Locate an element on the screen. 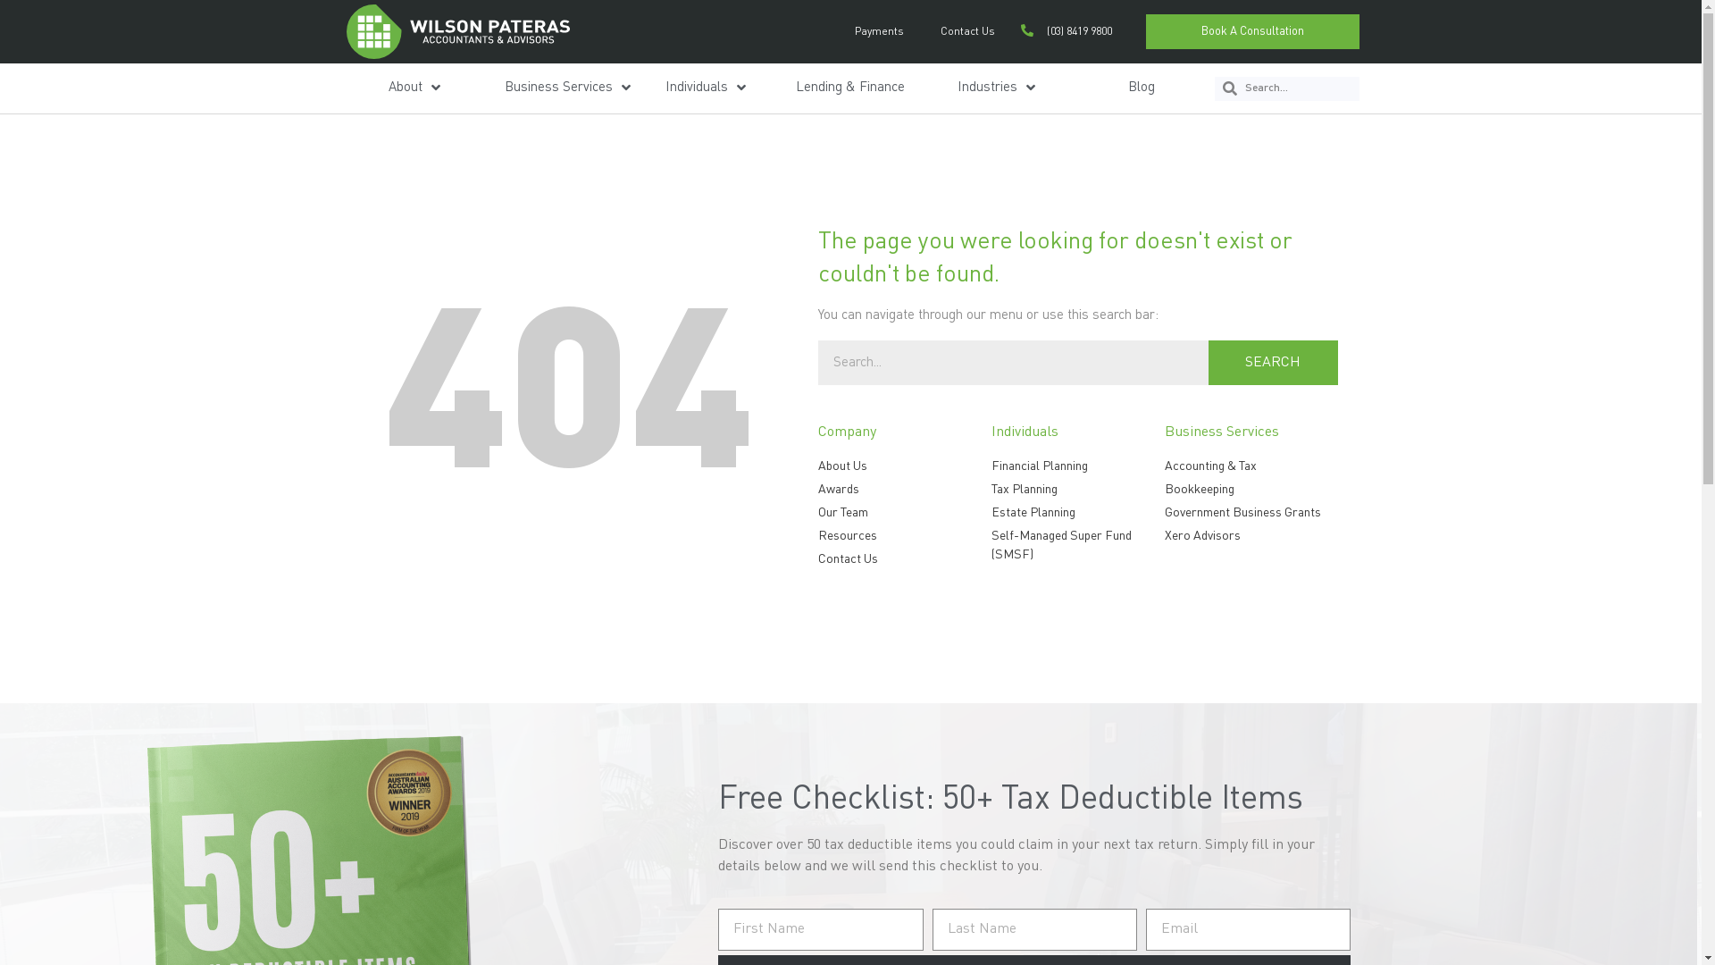 This screenshot has height=965, width=1715. 'Xero Advisors' is located at coordinates (1251, 535).